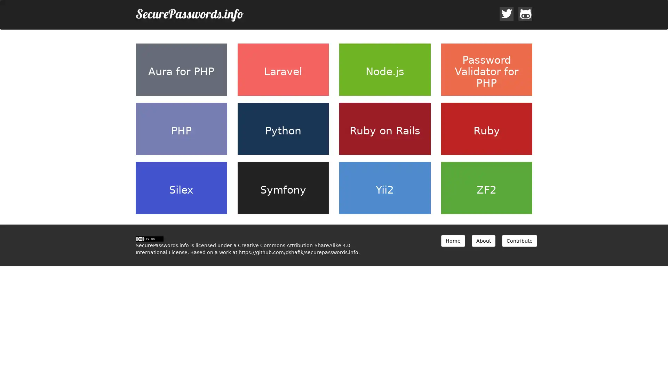 The image size is (668, 376). Describe the element at coordinates (283, 70) in the screenshot. I see `Laravel` at that location.